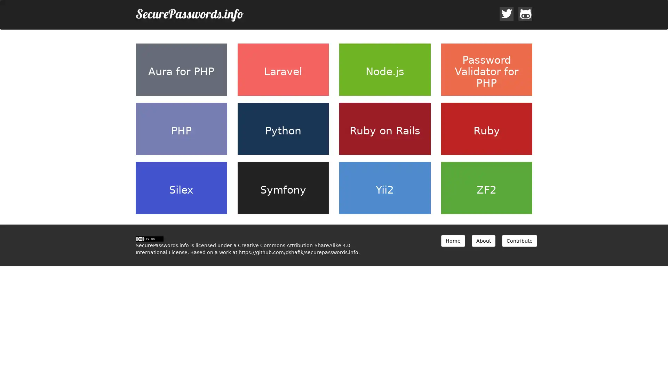 The image size is (668, 376). Describe the element at coordinates (283, 70) in the screenshot. I see `Laravel` at that location.